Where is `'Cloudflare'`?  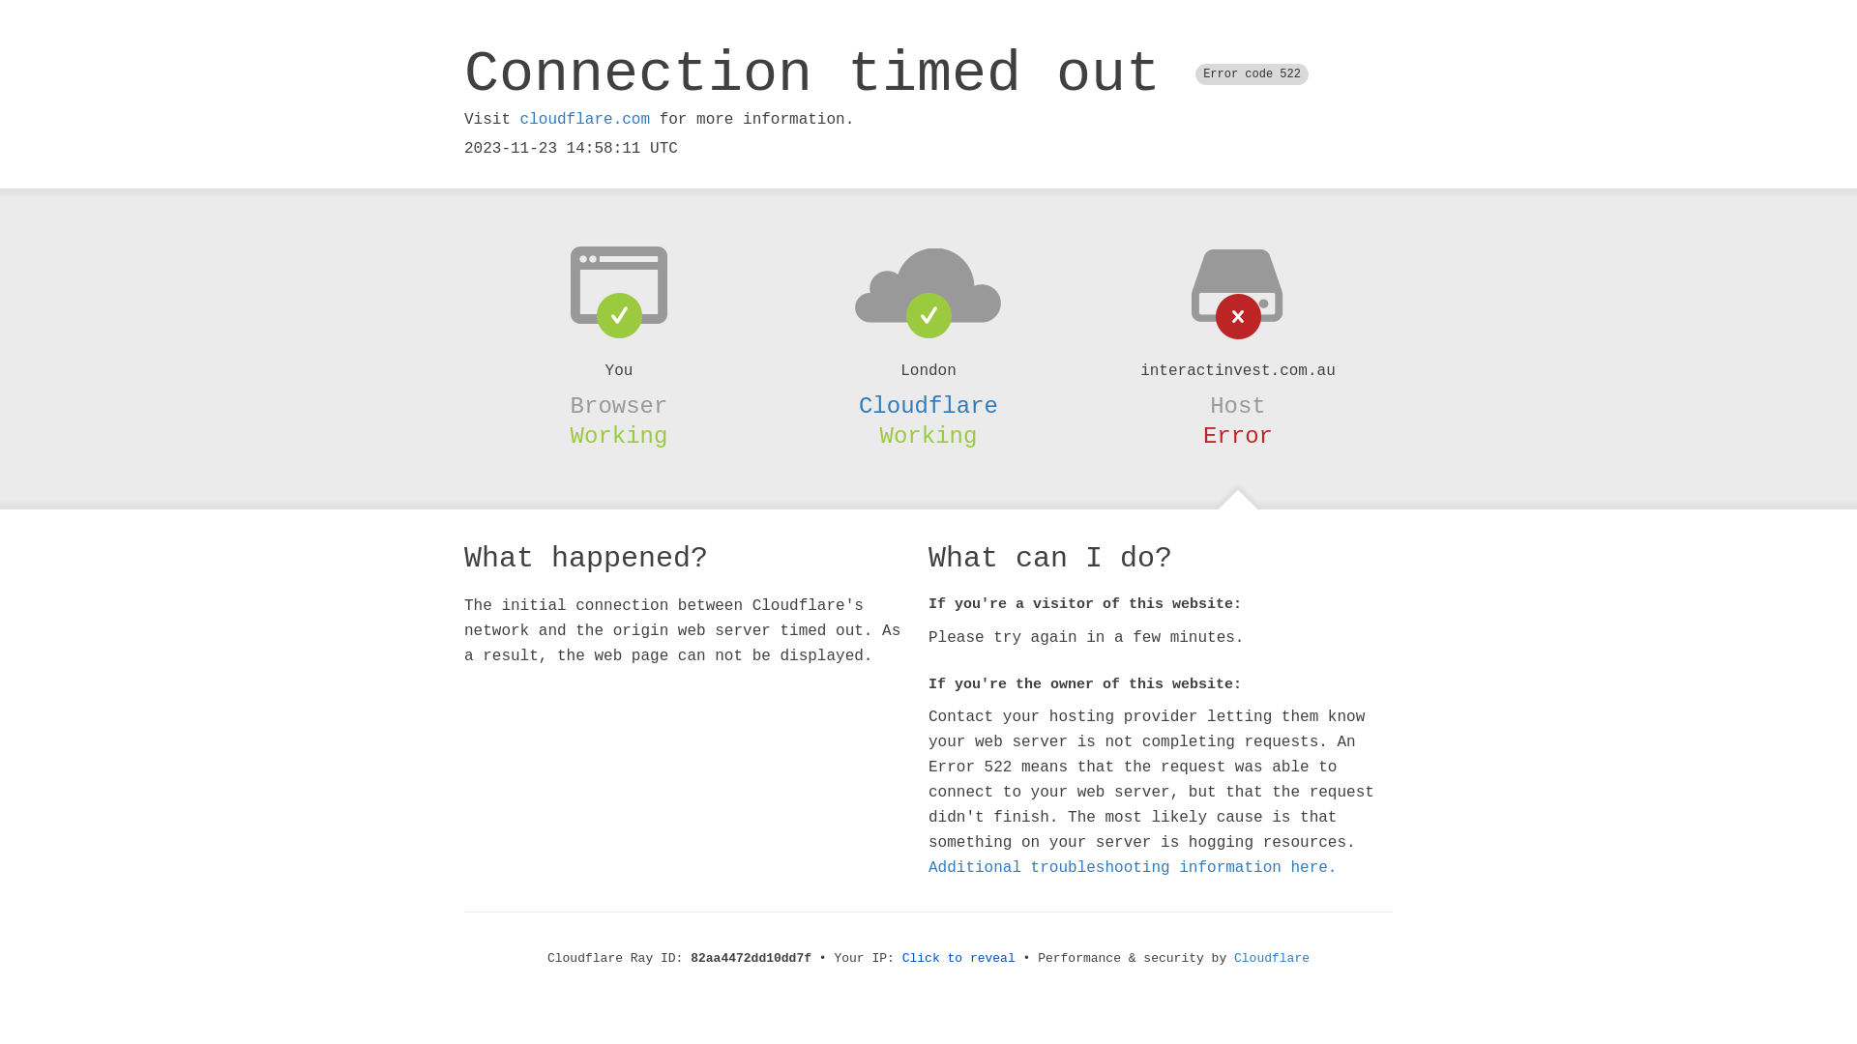
'Cloudflare' is located at coordinates (928, 405).